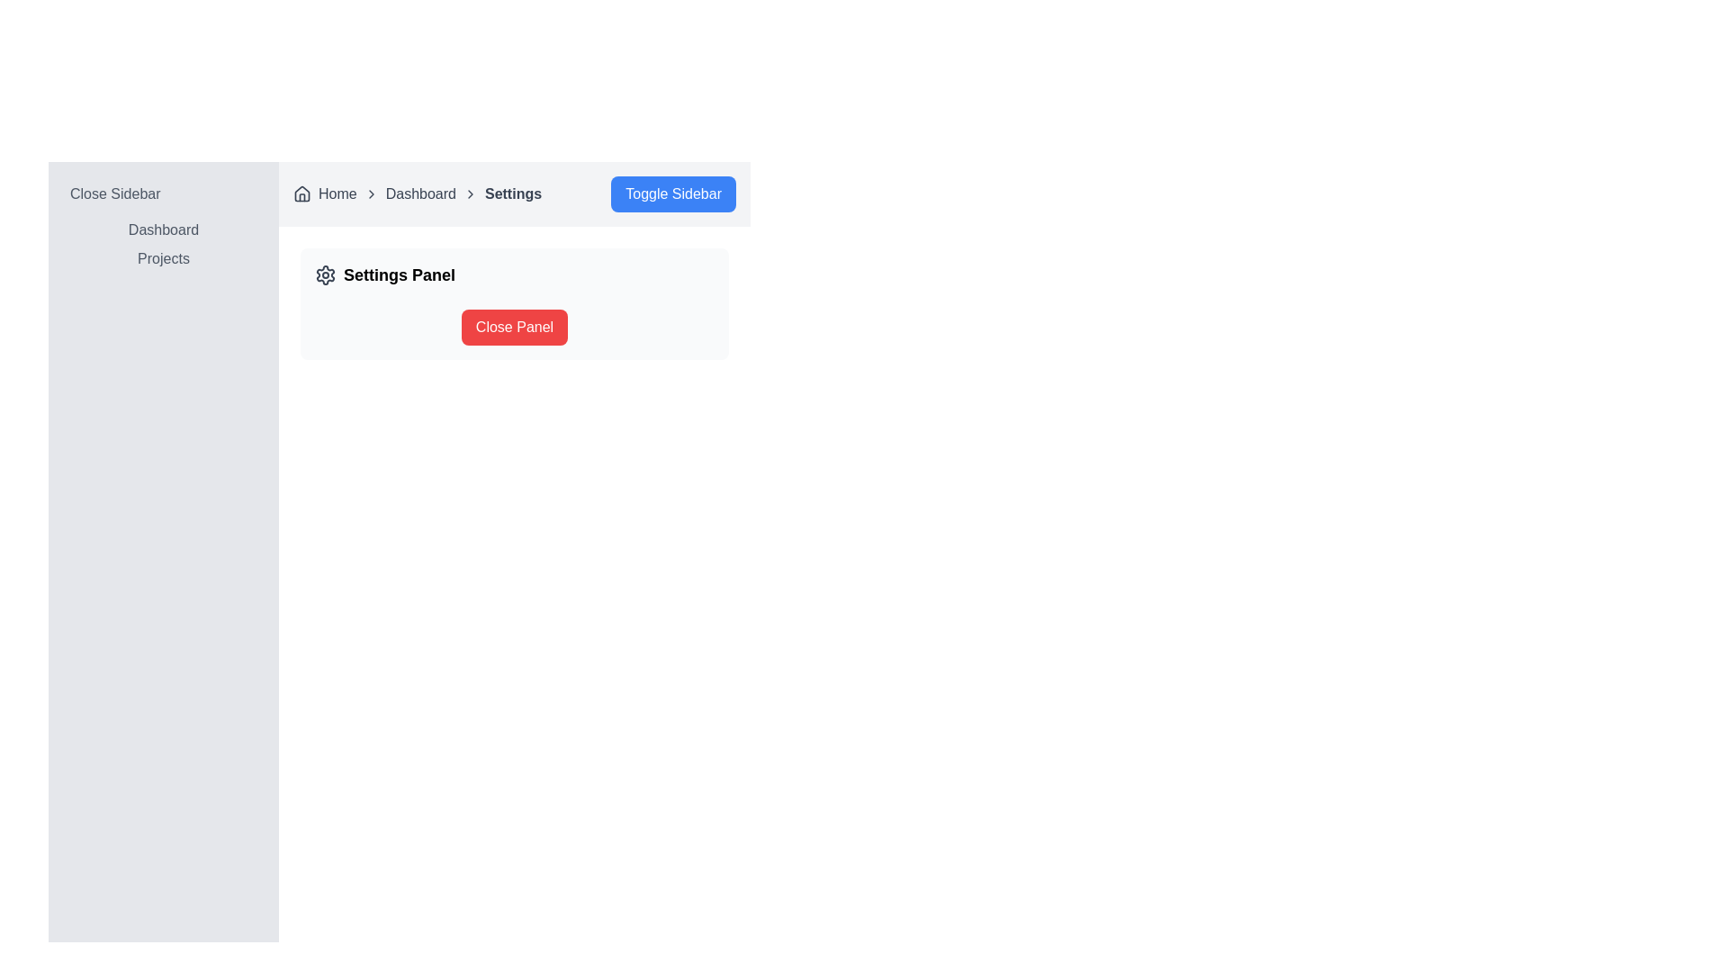  Describe the element at coordinates (672, 194) in the screenshot. I see `the 'Toggle Sidebar' button, which is a rounded rectangle with a blue background and white text, located in the top bar towards the right end of the interface` at that location.